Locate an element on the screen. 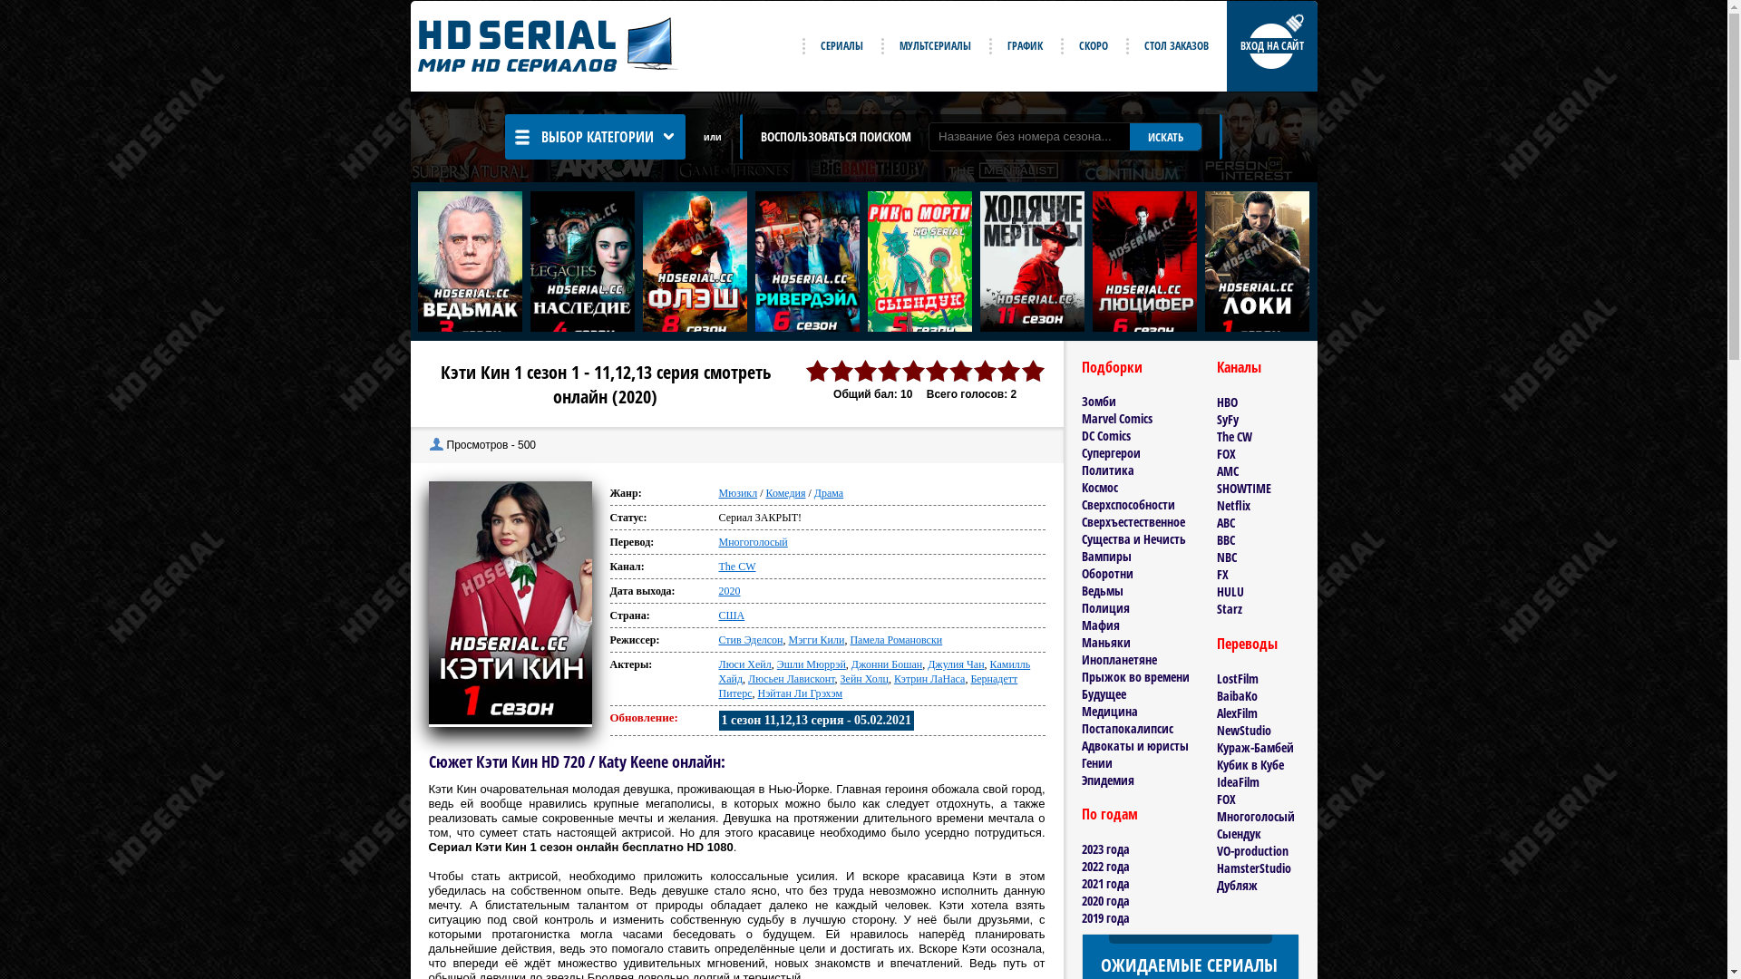 This screenshot has height=979, width=1741. 'NewStudio' is located at coordinates (1243, 729).